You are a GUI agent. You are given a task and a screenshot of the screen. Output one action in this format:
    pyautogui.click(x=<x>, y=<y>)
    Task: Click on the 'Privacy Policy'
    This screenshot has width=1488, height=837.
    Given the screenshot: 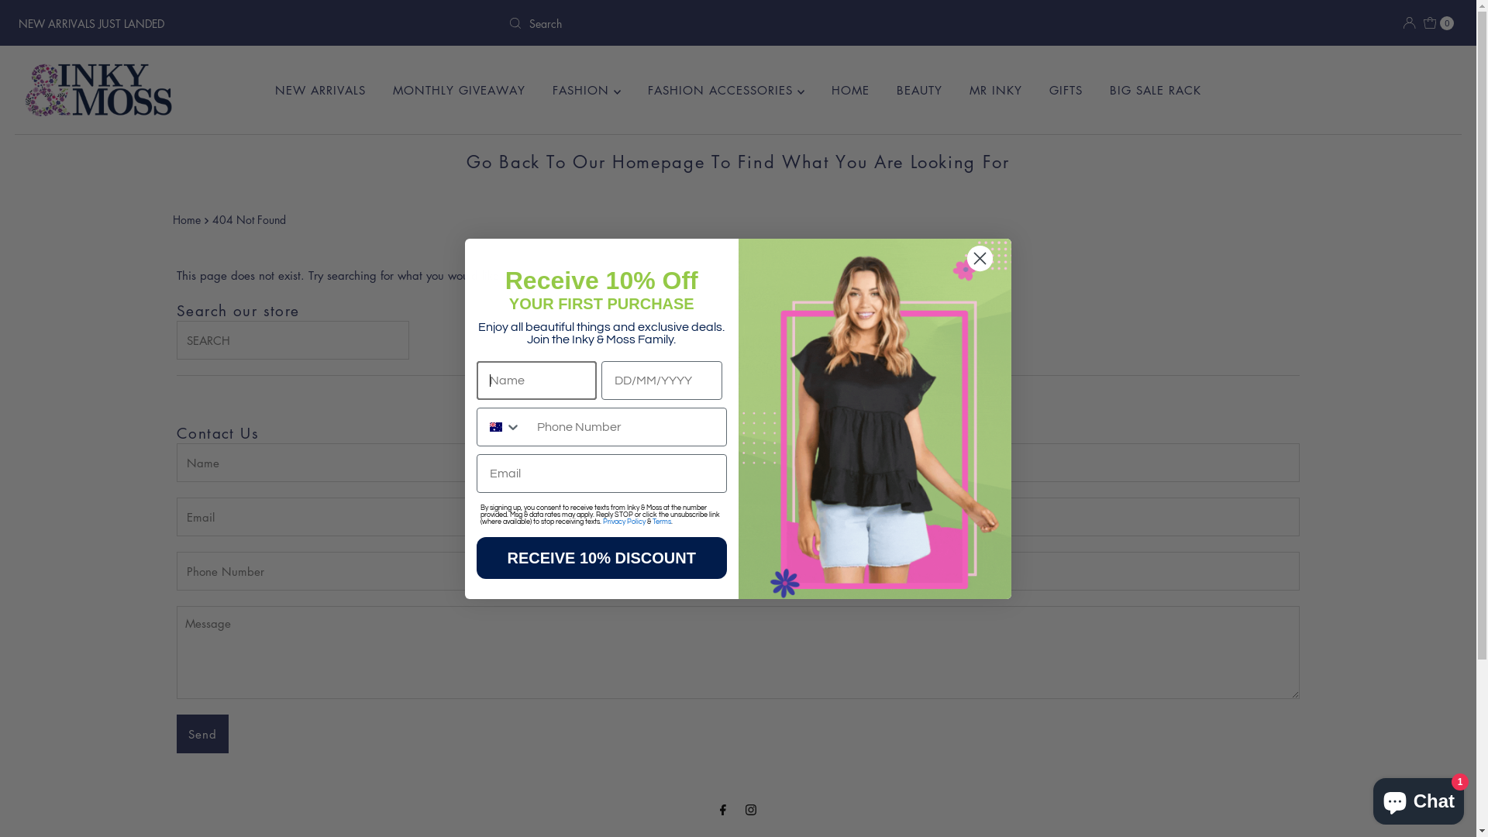 What is the action you would take?
    pyautogui.click(x=624, y=521)
    